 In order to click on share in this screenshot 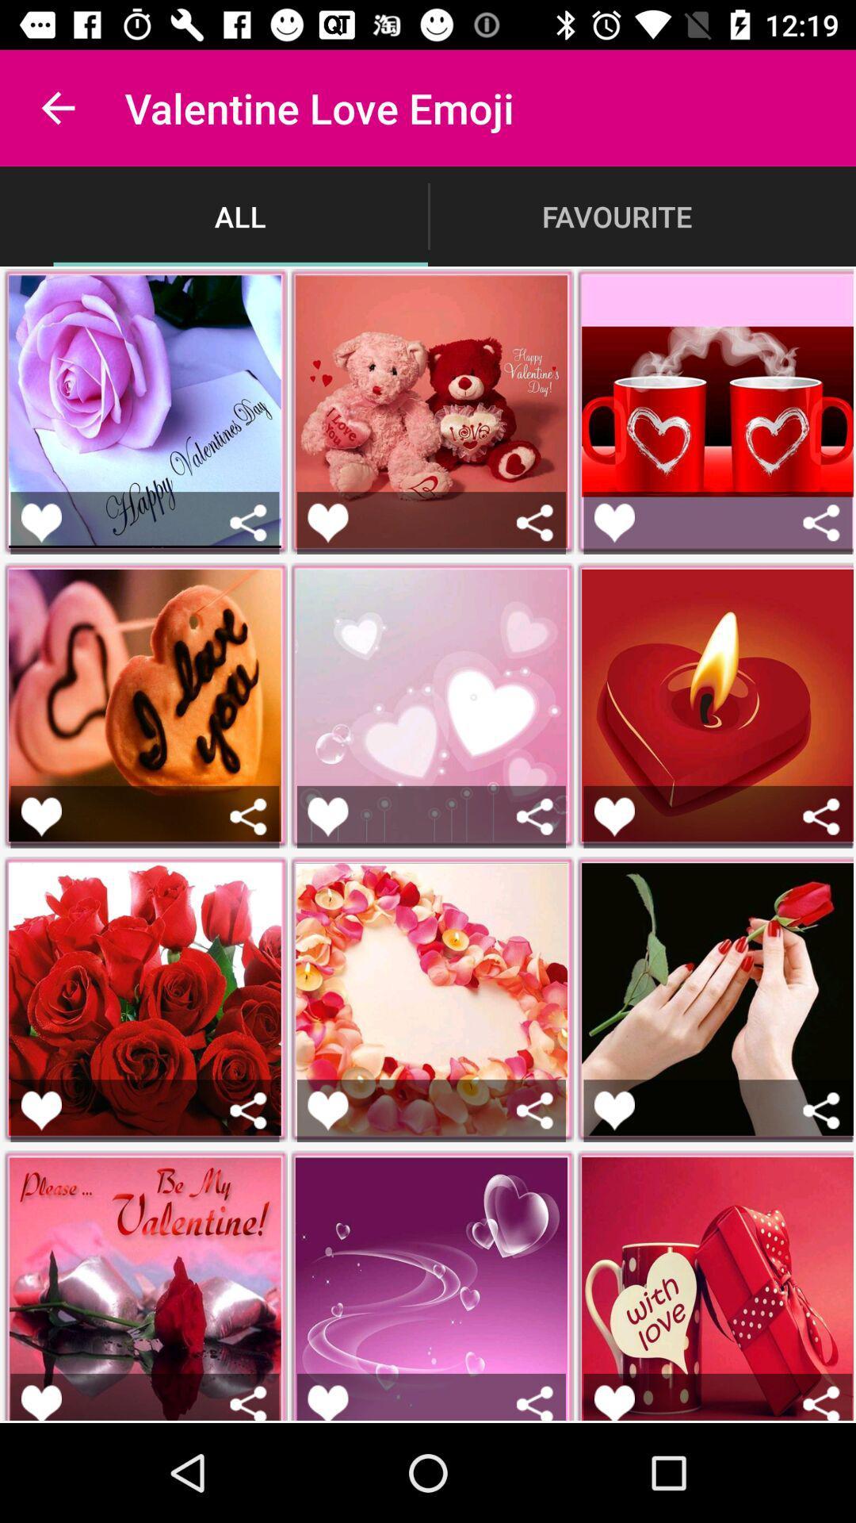, I will do `click(820, 1402)`.